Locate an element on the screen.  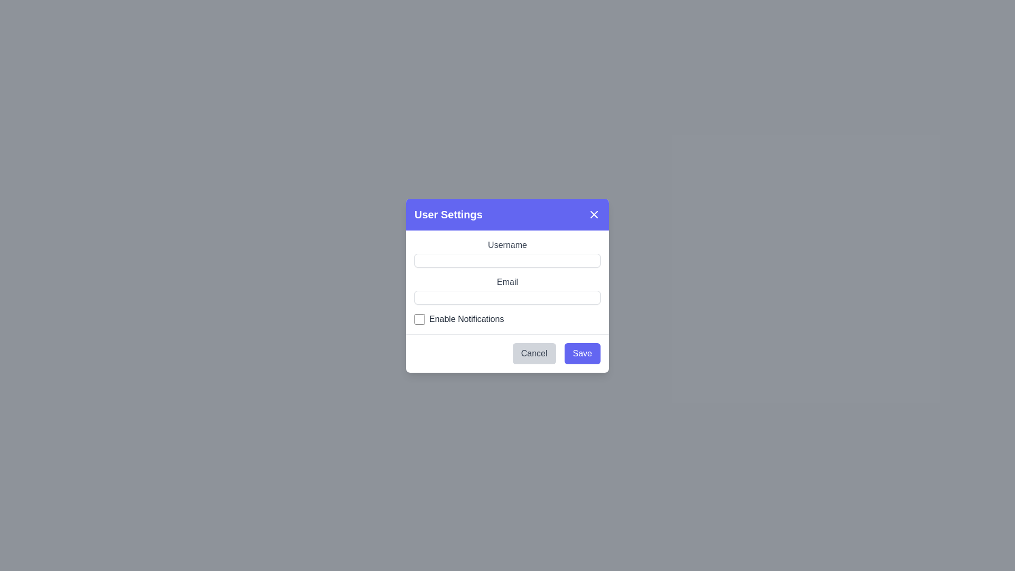
the 'Cancel' button located on the left side of the button group at the bottom of the modal window is located at coordinates (534, 353).